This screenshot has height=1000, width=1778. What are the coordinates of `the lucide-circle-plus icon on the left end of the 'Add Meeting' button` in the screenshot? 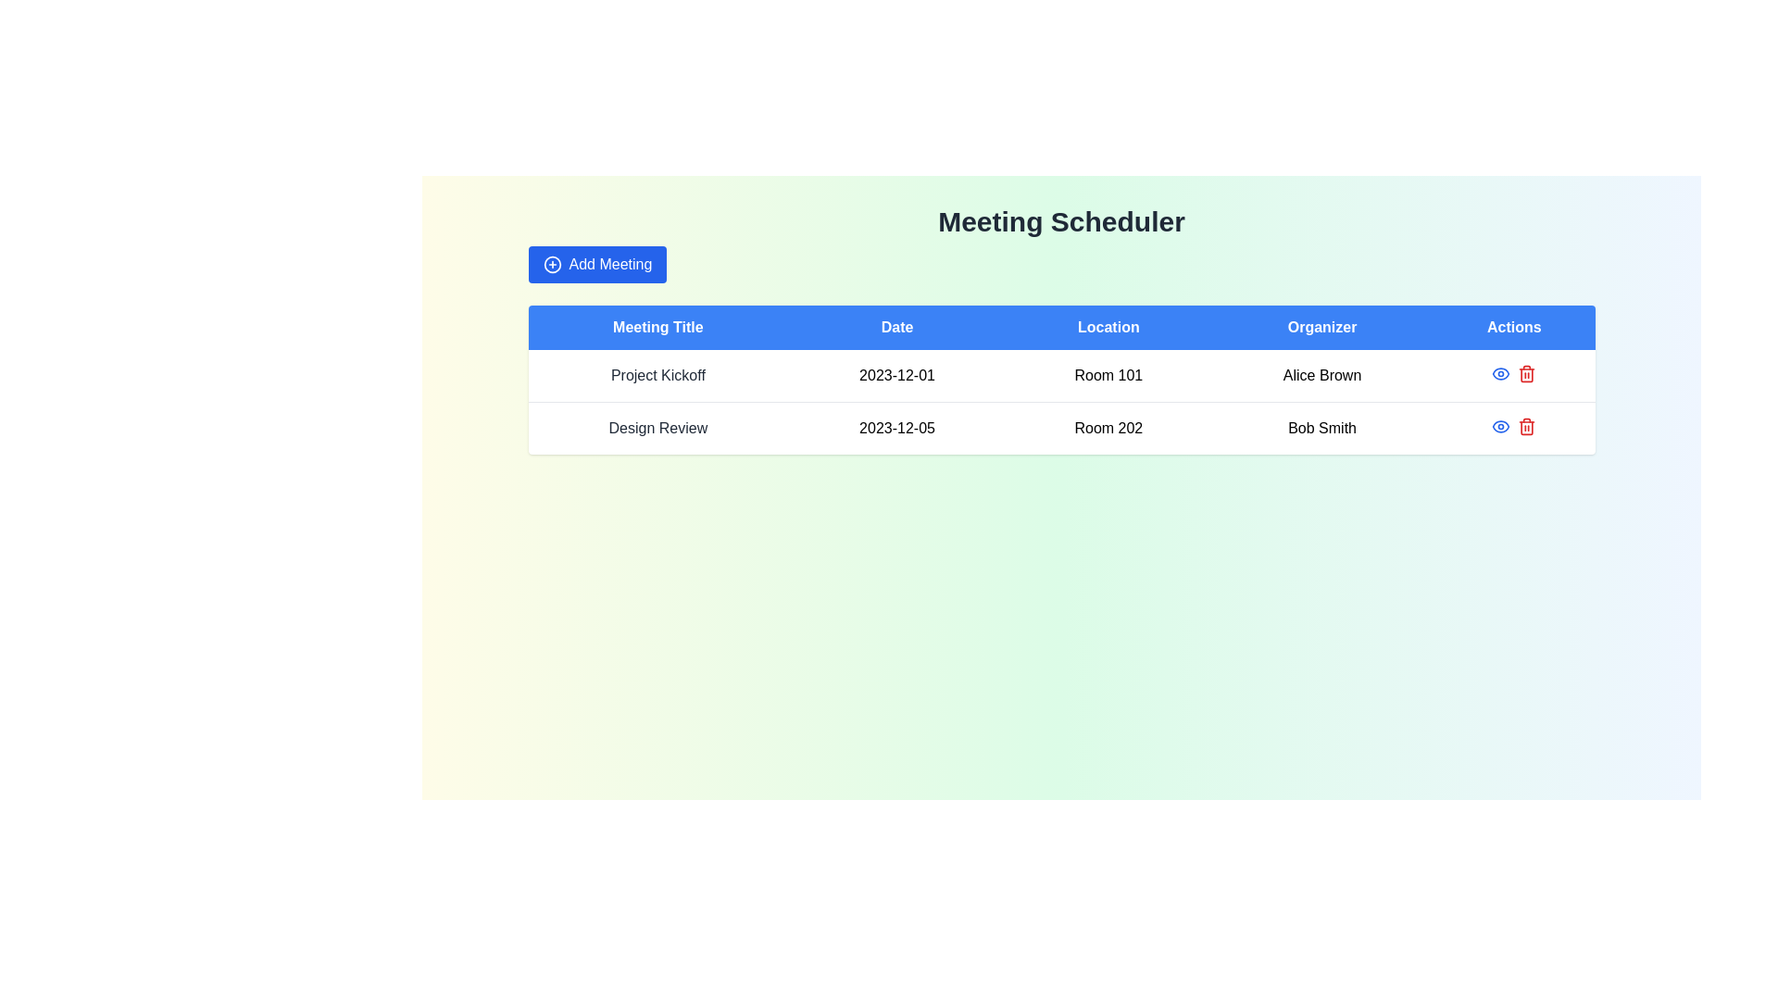 It's located at (551, 264).